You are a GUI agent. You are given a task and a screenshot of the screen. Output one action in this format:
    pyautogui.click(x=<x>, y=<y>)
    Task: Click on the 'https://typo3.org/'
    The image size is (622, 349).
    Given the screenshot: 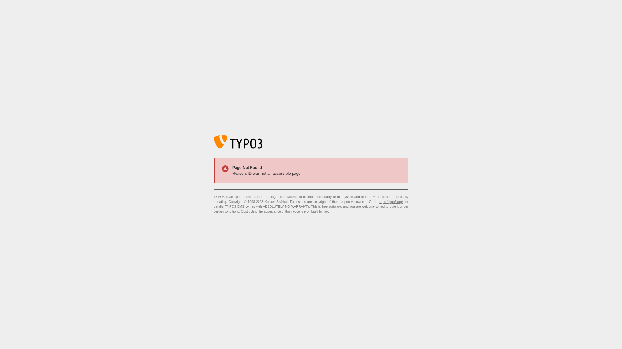 What is the action you would take?
    pyautogui.click(x=379, y=201)
    